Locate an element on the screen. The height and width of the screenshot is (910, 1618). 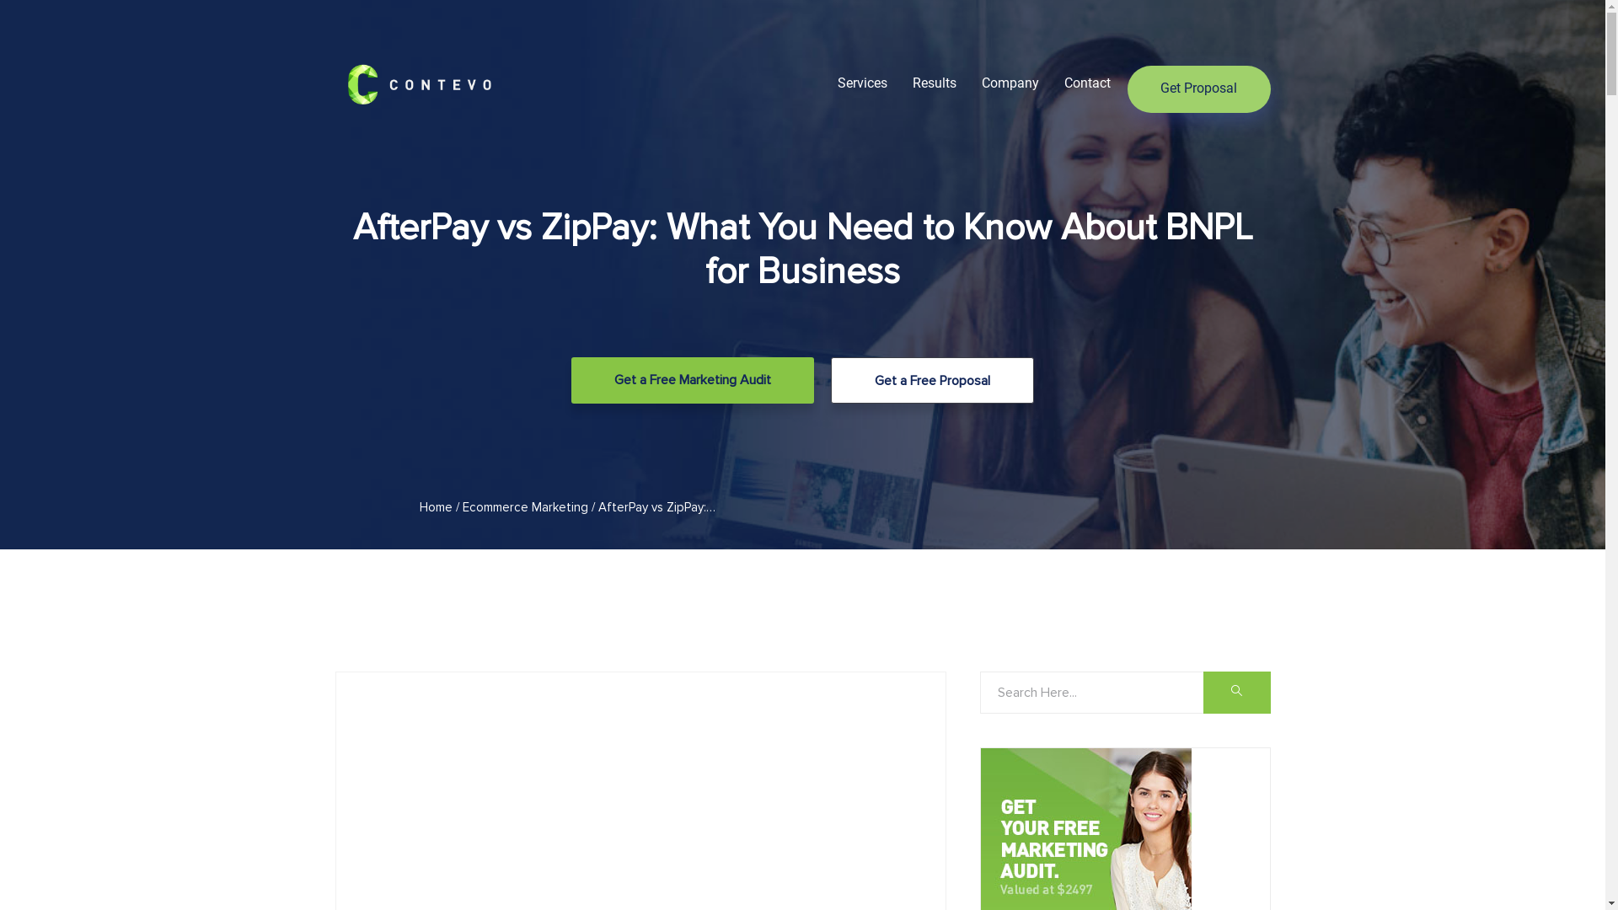
'Get Proposal' is located at coordinates (1197, 88).